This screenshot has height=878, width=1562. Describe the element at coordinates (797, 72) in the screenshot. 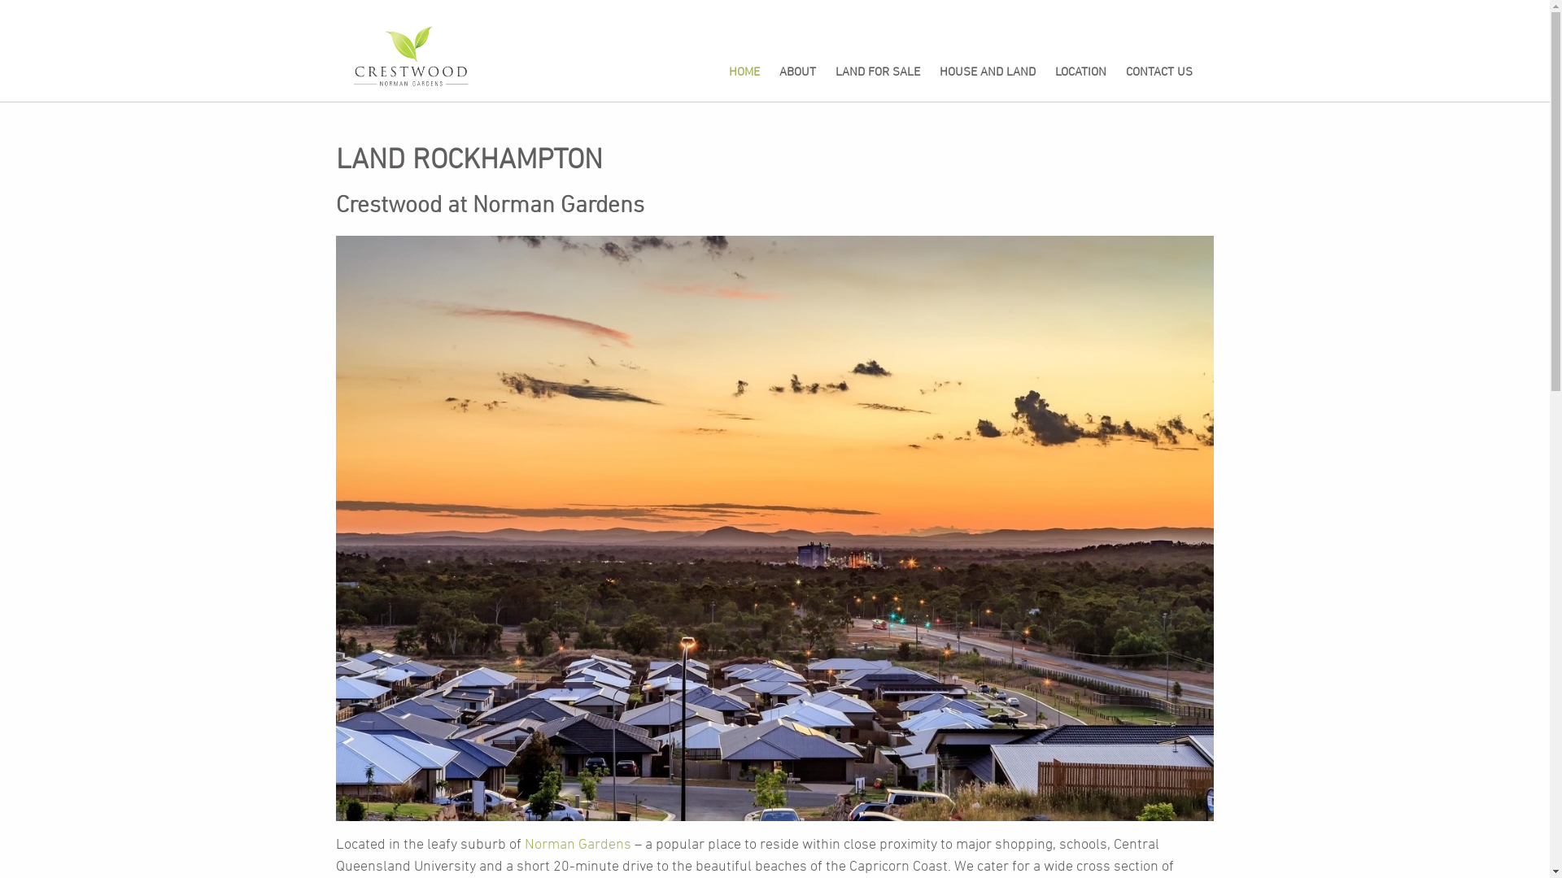

I see `'ABOUT'` at that location.